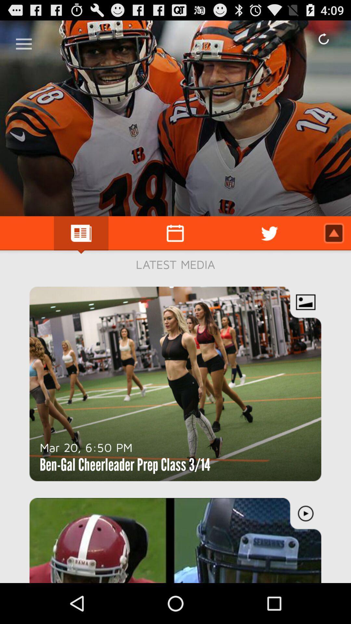 The image size is (351, 624). Describe the element at coordinates (23, 41) in the screenshot. I see `open menu` at that location.